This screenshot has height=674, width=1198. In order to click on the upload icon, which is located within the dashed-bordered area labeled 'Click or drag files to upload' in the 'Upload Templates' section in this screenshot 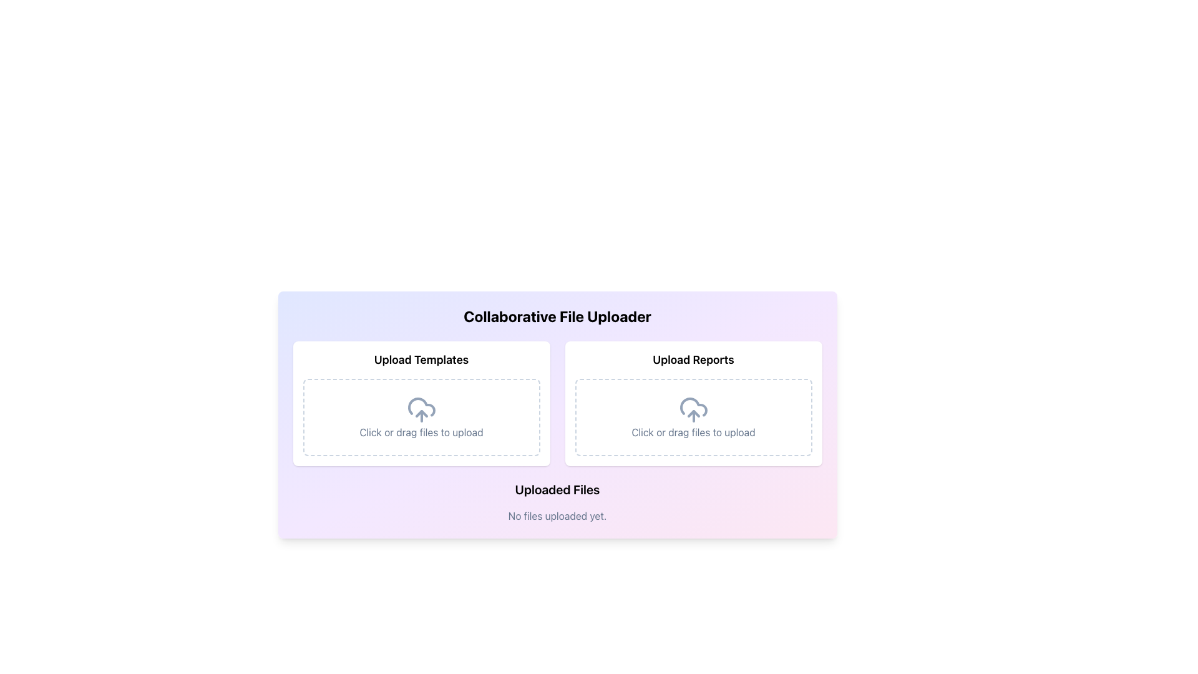, I will do `click(421, 409)`.